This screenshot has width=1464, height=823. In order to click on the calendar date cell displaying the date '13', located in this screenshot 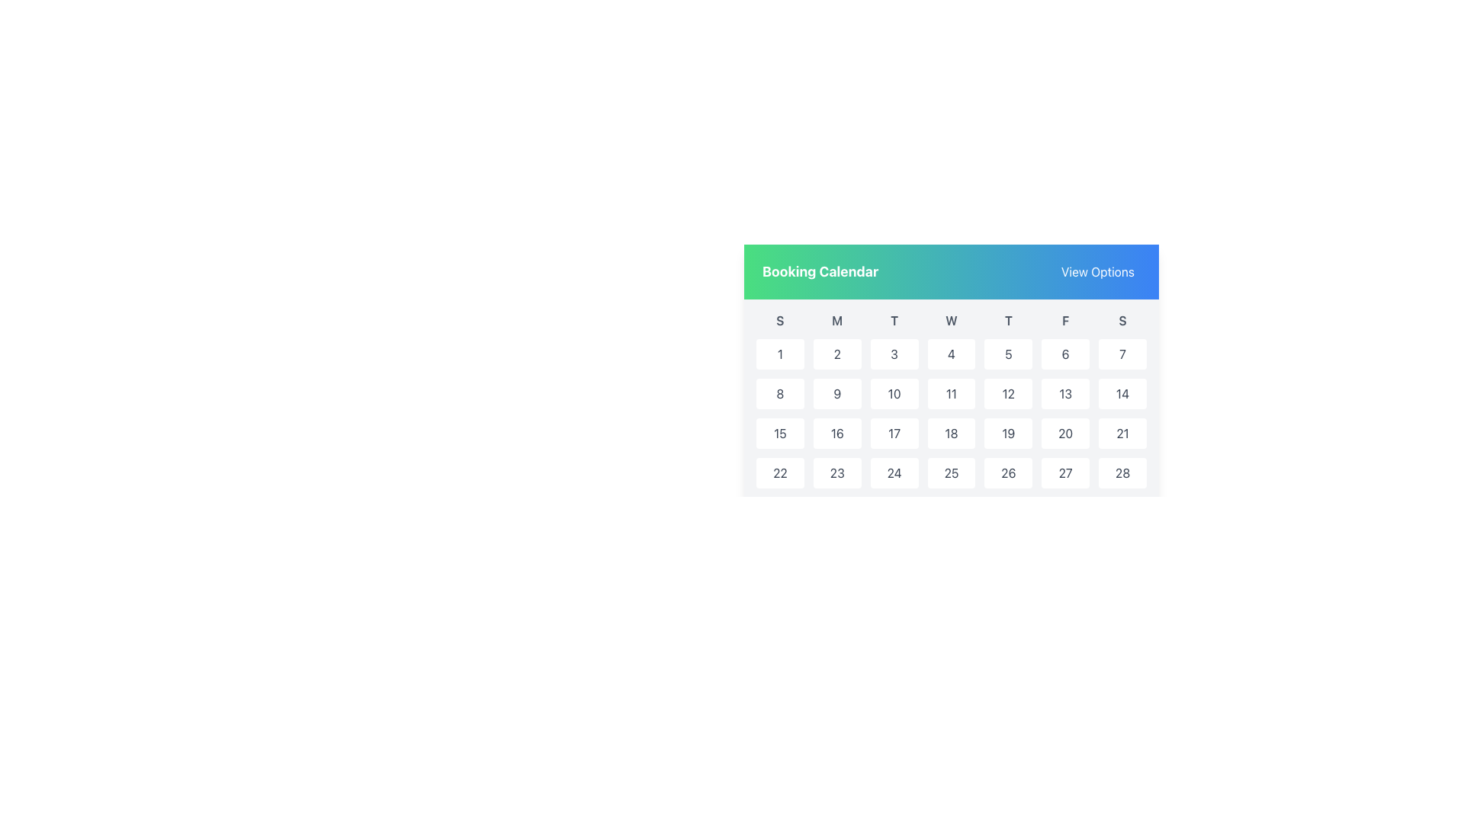, I will do `click(1064, 392)`.